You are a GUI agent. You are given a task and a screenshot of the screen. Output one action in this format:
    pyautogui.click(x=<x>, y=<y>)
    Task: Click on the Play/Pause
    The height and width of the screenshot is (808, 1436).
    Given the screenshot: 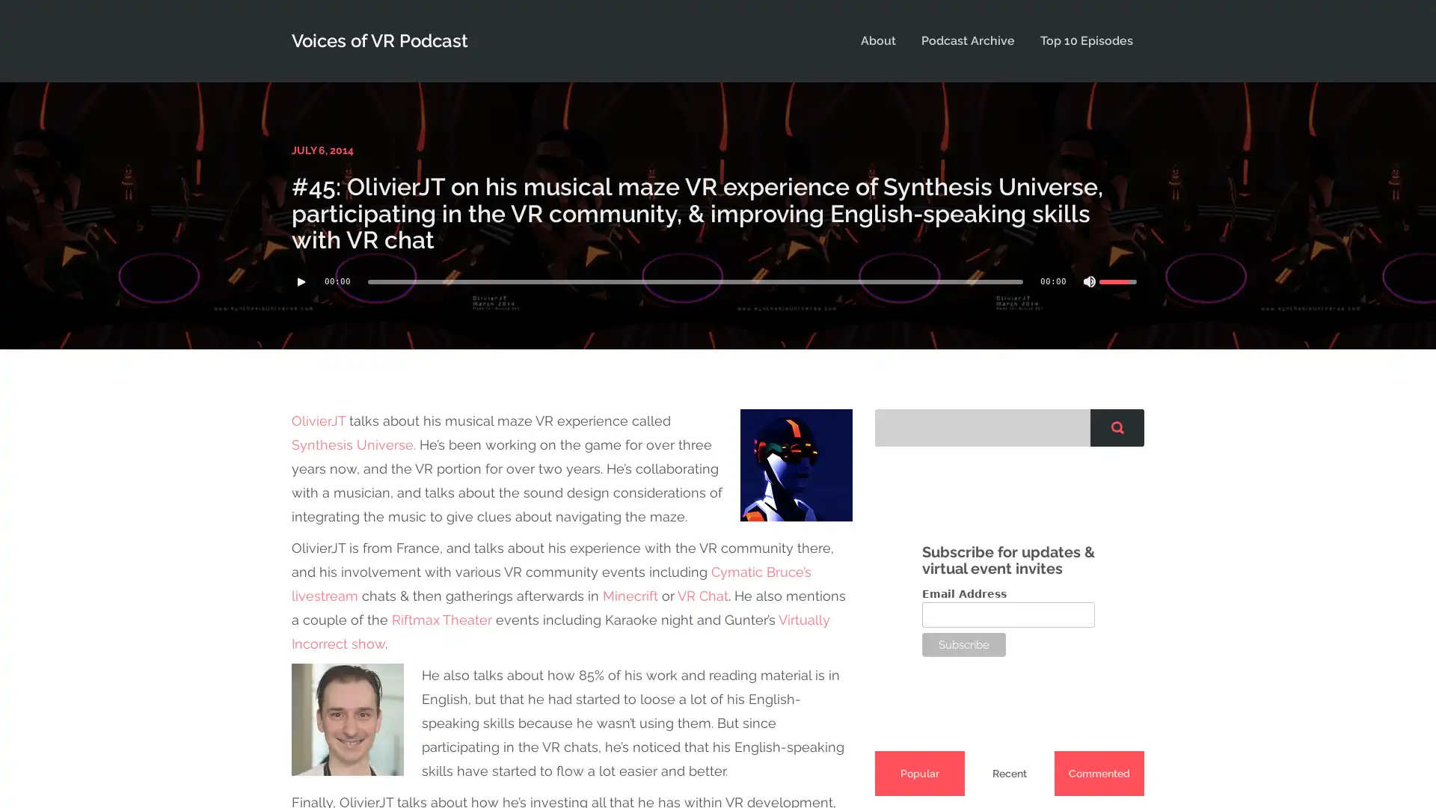 What is the action you would take?
    pyautogui.click(x=301, y=281)
    